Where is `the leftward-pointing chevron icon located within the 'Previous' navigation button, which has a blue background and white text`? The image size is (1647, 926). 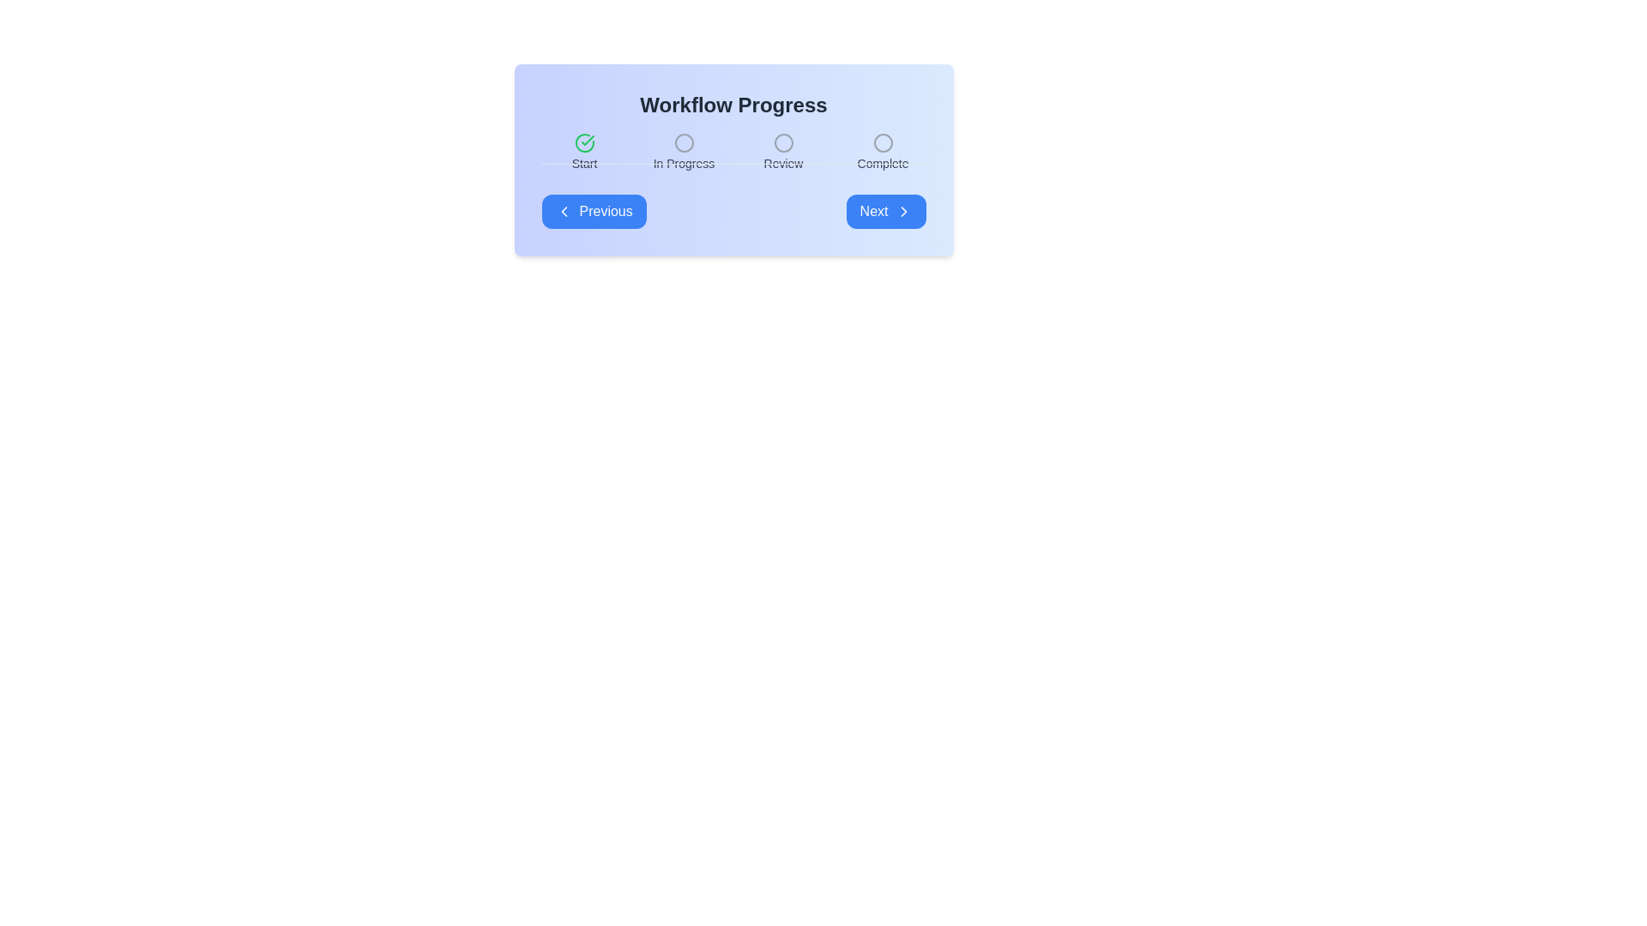
the leftward-pointing chevron icon located within the 'Previous' navigation button, which has a blue background and white text is located at coordinates (564, 210).